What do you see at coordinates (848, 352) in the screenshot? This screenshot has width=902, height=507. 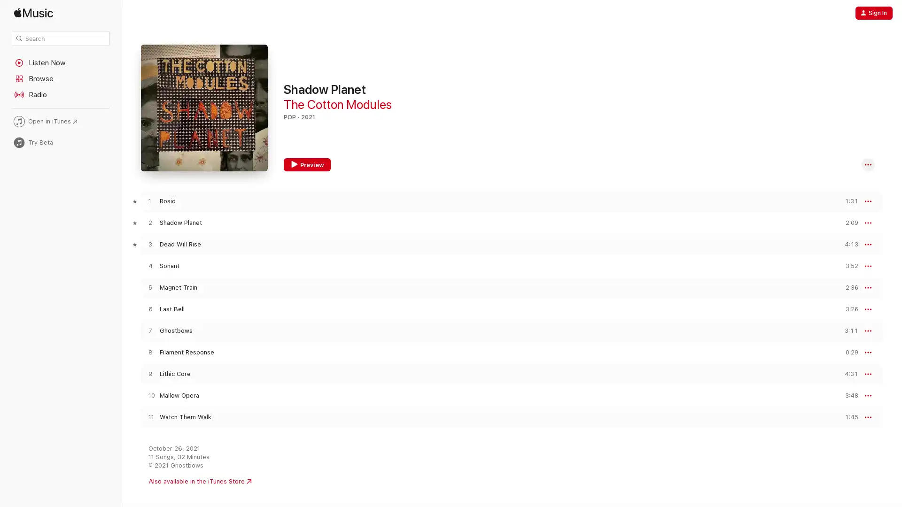 I see `Preview` at bounding box center [848, 352].